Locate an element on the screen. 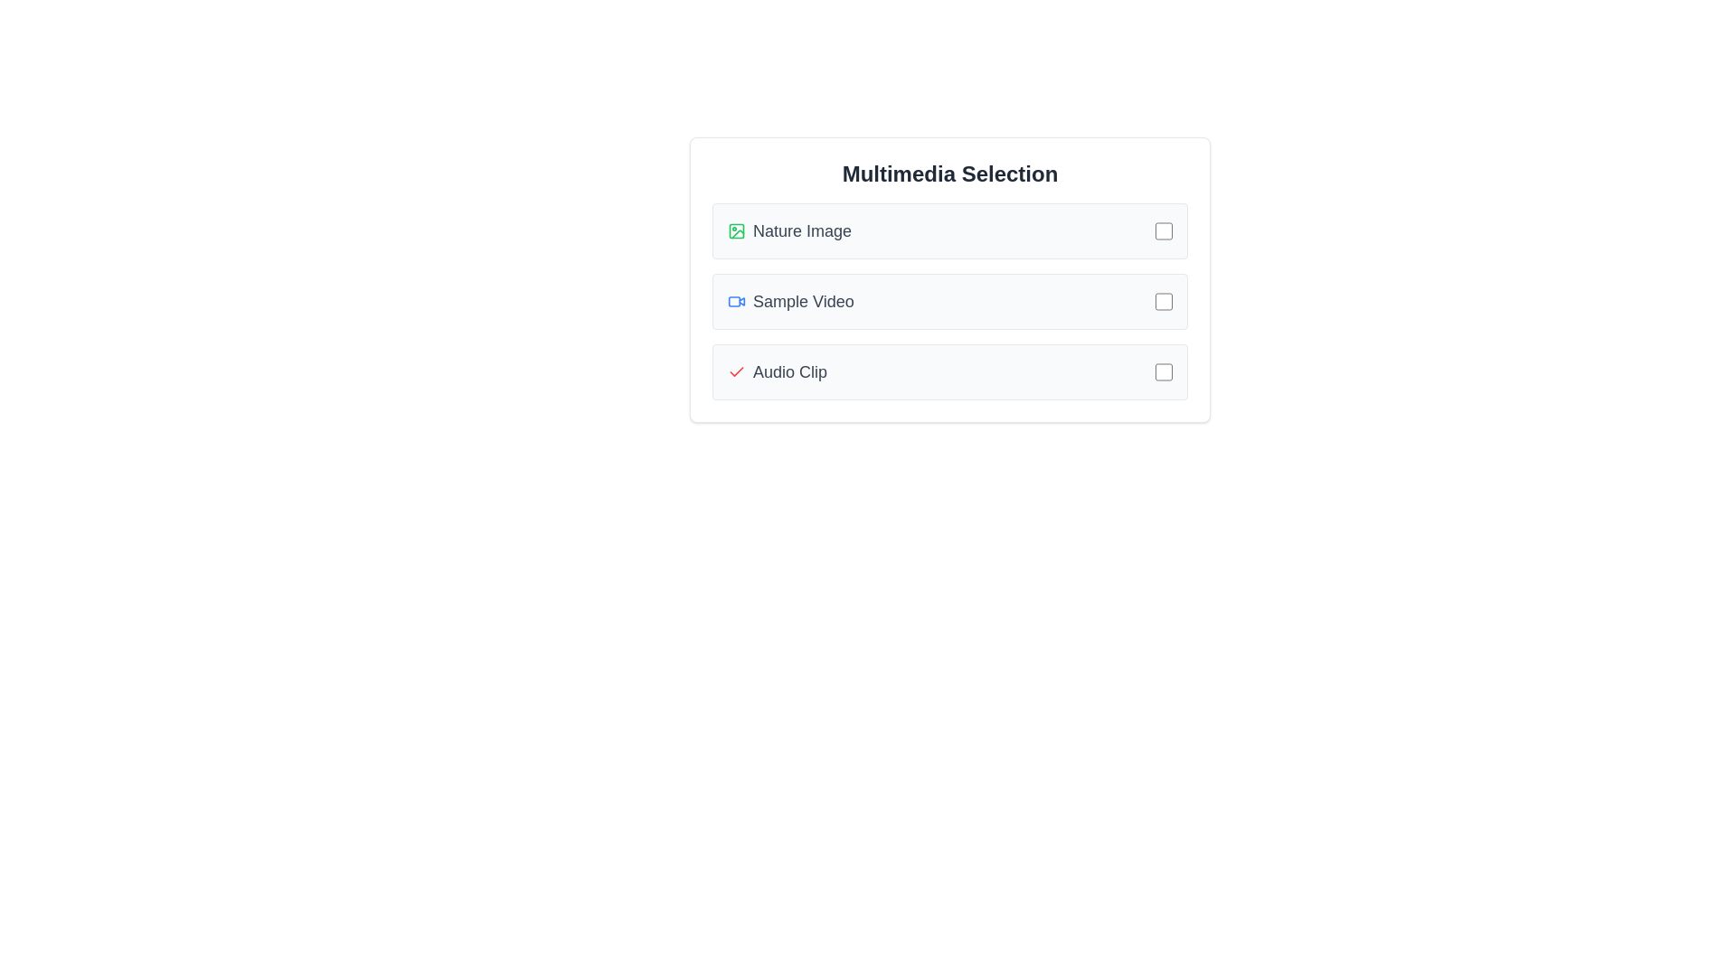  'Audio Clip' label located in the Multimedia Selection menu, positioned underneath 'Sample Video' and 'Nature Image' is located at coordinates (789, 371).